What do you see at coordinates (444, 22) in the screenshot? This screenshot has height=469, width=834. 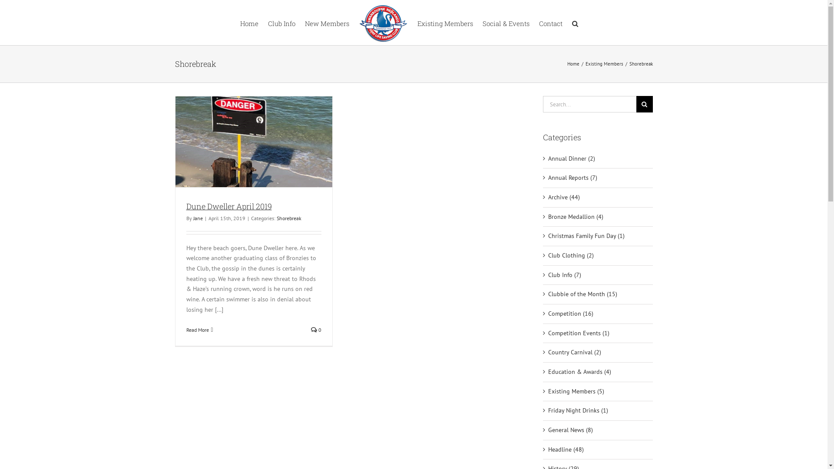 I see `'Existing Members'` at bounding box center [444, 22].